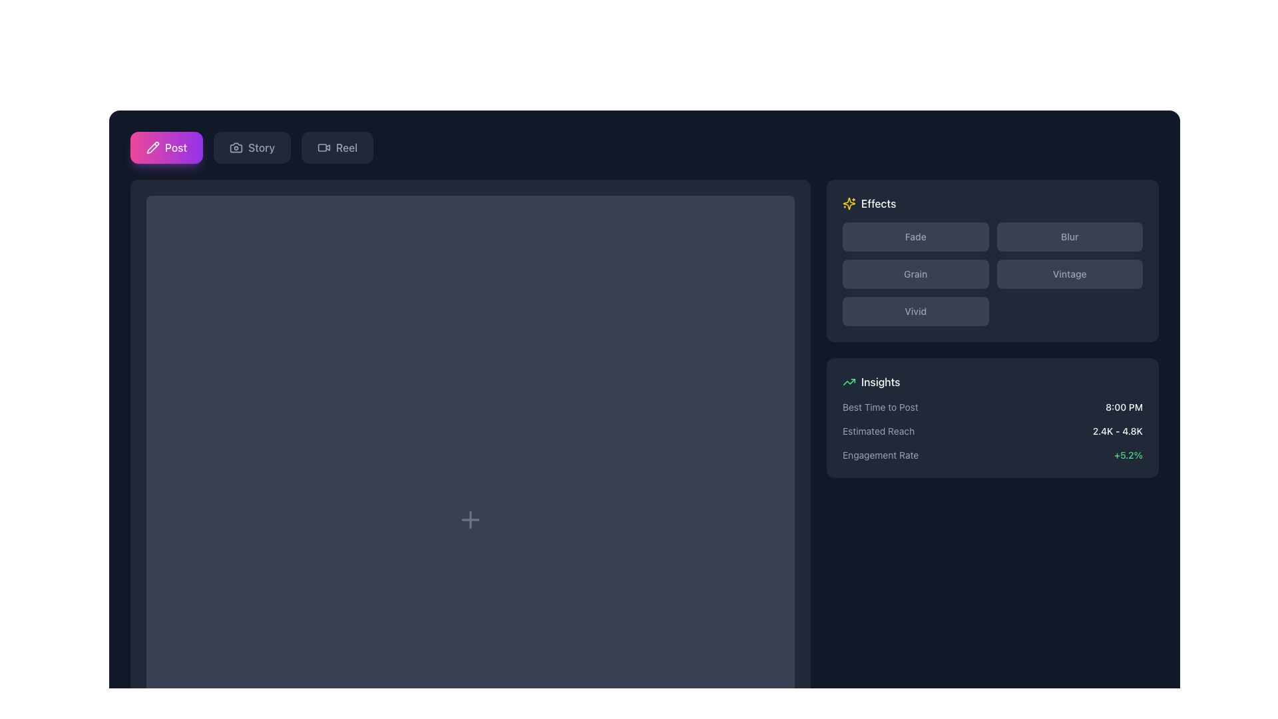  Describe the element at coordinates (915, 274) in the screenshot. I see `the 'Grain' button, which is a rectangular button with a dark gray background and lighter gray text, located in the Effects section of the right panel, directly beneath the 'Fade' button` at that location.